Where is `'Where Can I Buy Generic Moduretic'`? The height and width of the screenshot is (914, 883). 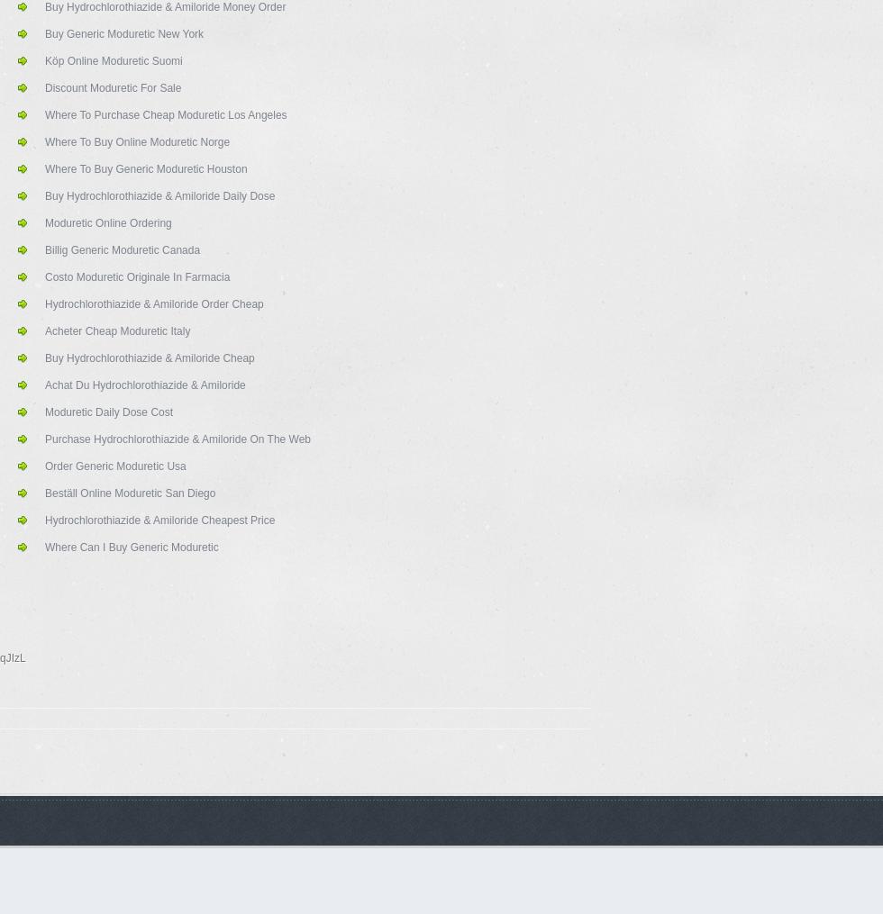 'Where Can I Buy Generic Moduretic' is located at coordinates (132, 546).